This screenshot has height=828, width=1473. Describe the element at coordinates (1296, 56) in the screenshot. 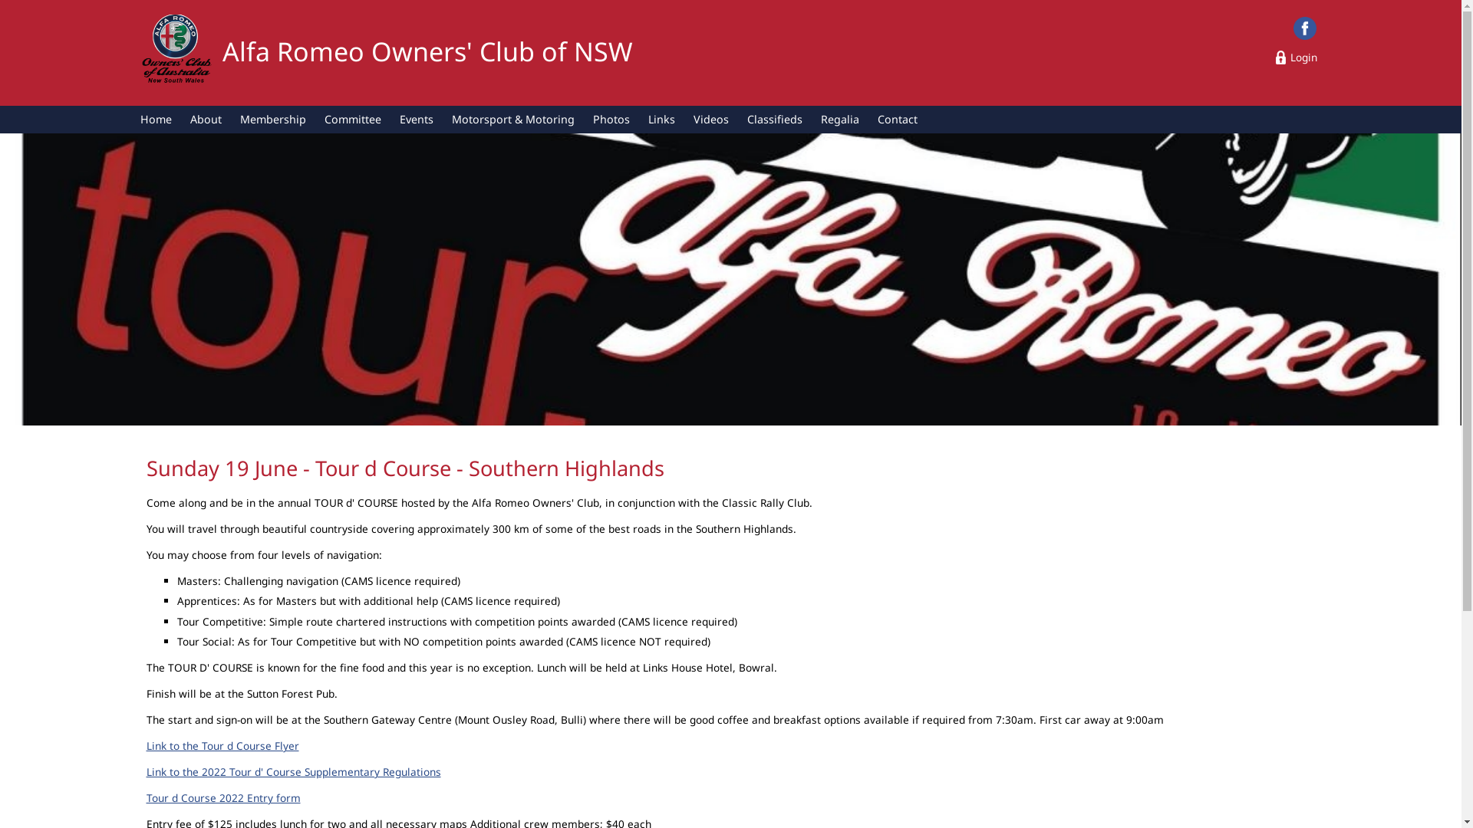

I see `'Login'` at that location.